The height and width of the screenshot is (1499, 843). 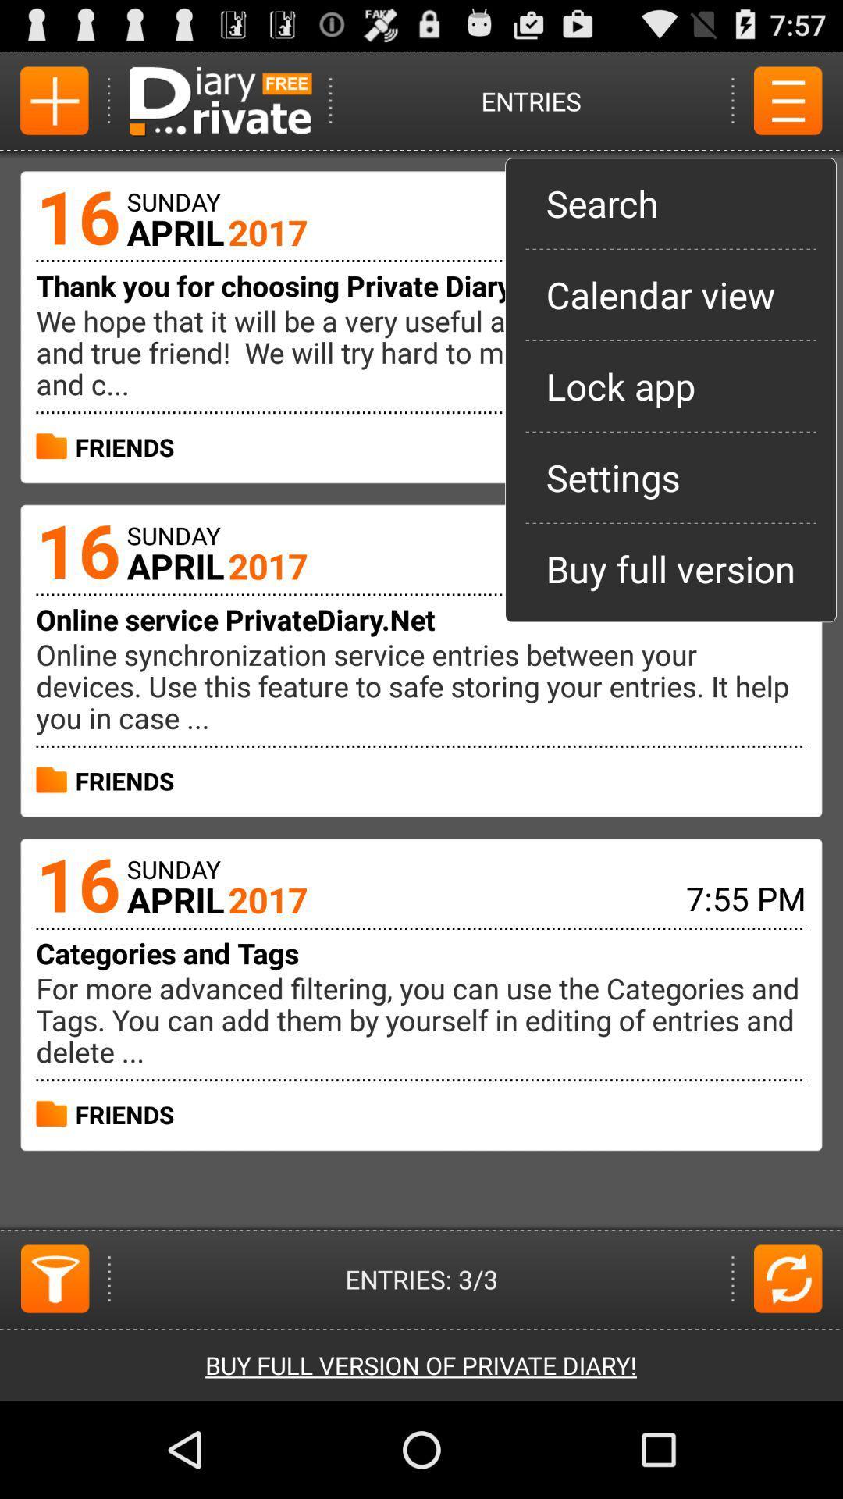 I want to click on the refresh icon, so click(x=788, y=1368).